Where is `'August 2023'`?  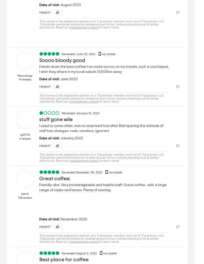 'August 2023' is located at coordinates (70, 5).